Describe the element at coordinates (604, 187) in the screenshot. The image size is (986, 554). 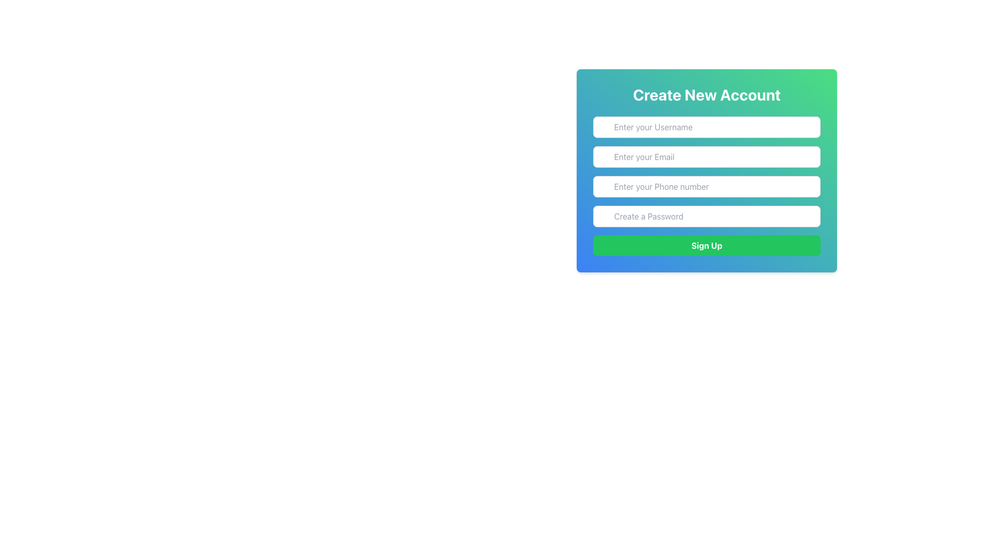
I see `the small white phone icon located within the third input field labeled 'Enter your Phone number', aligned towards the left side of the text input box` at that location.